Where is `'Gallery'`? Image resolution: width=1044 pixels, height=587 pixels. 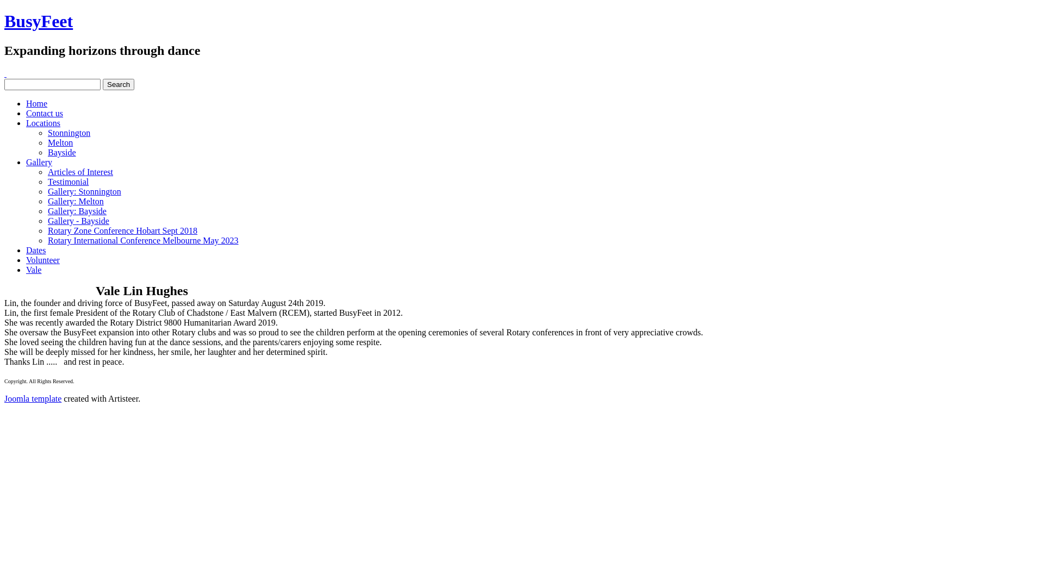 'Gallery' is located at coordinates (39, 162).